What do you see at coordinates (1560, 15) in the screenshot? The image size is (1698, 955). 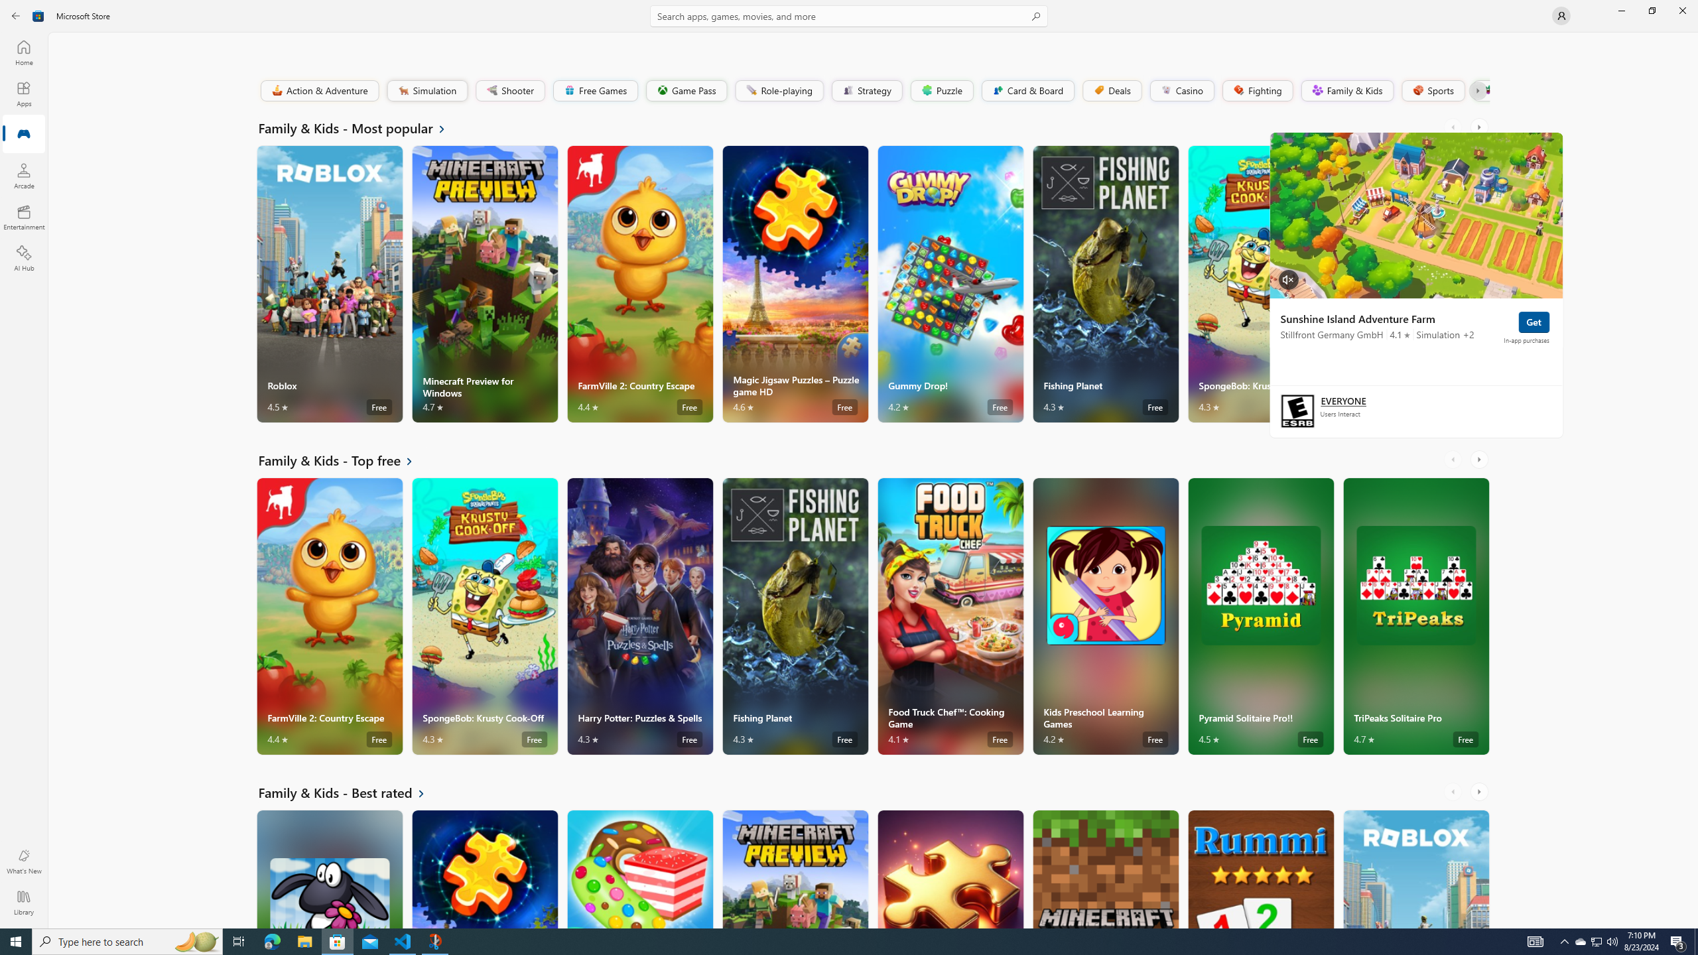 I see `'User profile'` at bounding box center [1560, 15].